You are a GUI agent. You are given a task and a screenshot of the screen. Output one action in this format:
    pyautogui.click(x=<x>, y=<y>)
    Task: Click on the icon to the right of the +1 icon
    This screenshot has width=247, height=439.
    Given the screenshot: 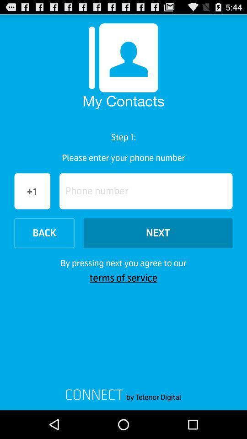 What is the action you would take?
    pyautogui.click(x=146, y=191)
    